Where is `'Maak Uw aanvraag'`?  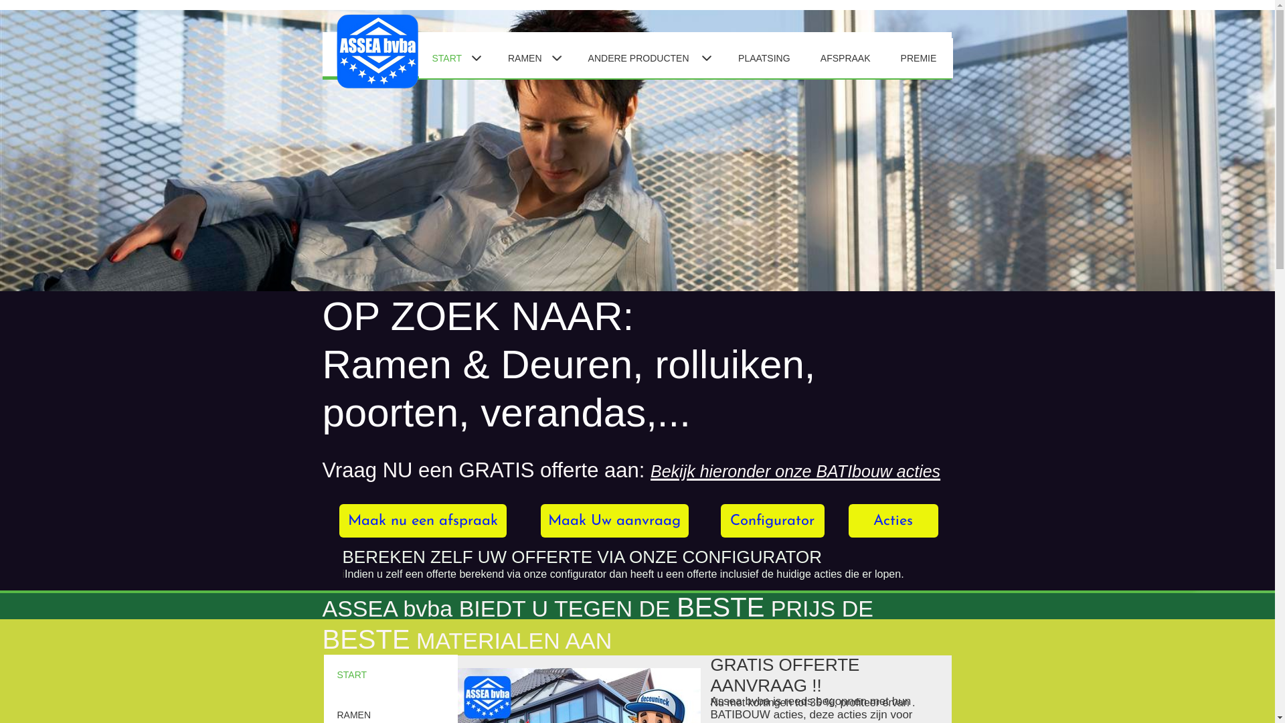
'Maak Uw aanvraag' is located at coordinates (614, 520).